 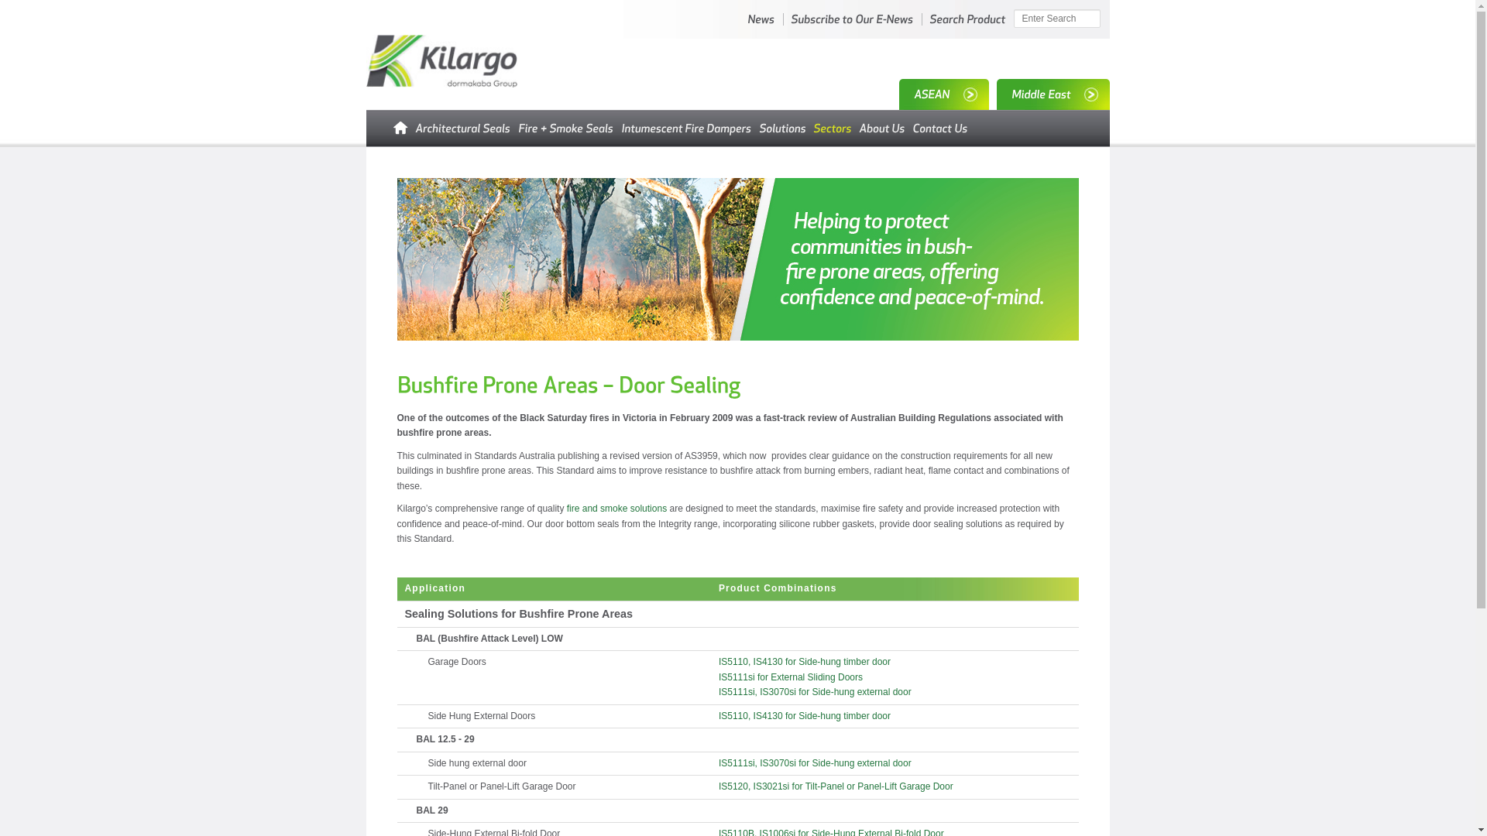 What do you see at coordinates (388, 127) in the screenshot?
I see `'Home'` at bounding box center [388, 127].